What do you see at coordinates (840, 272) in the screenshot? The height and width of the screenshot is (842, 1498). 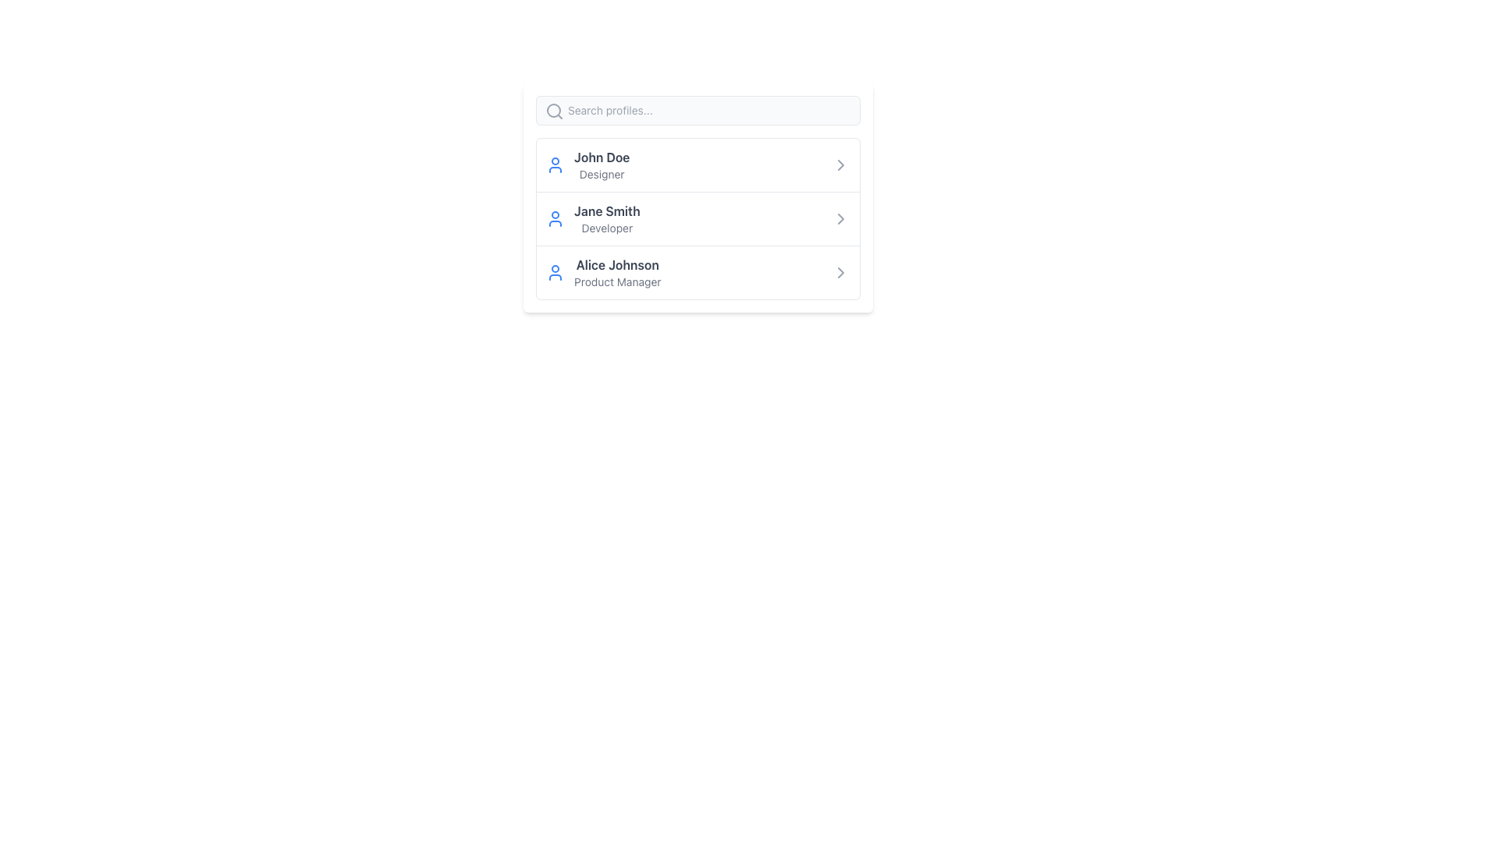 I see `the right-pointing chevron icon with a thin and rounded outline, located at the rightmost side of the row containing 'Alice Johnson'` at bounding box center [840, 272].